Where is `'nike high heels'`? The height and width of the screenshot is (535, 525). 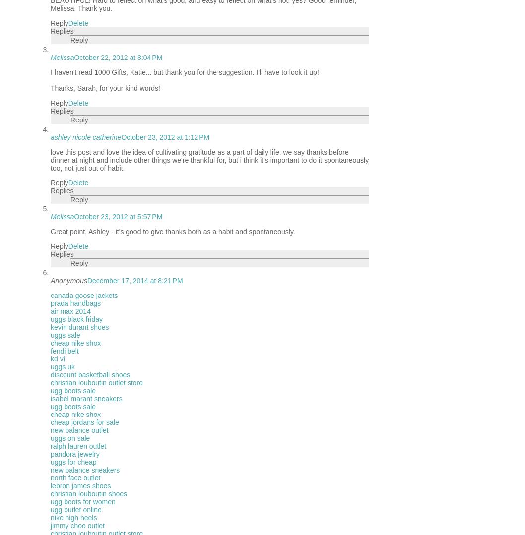 'nike high heels' is located at coordinates (73, 517).